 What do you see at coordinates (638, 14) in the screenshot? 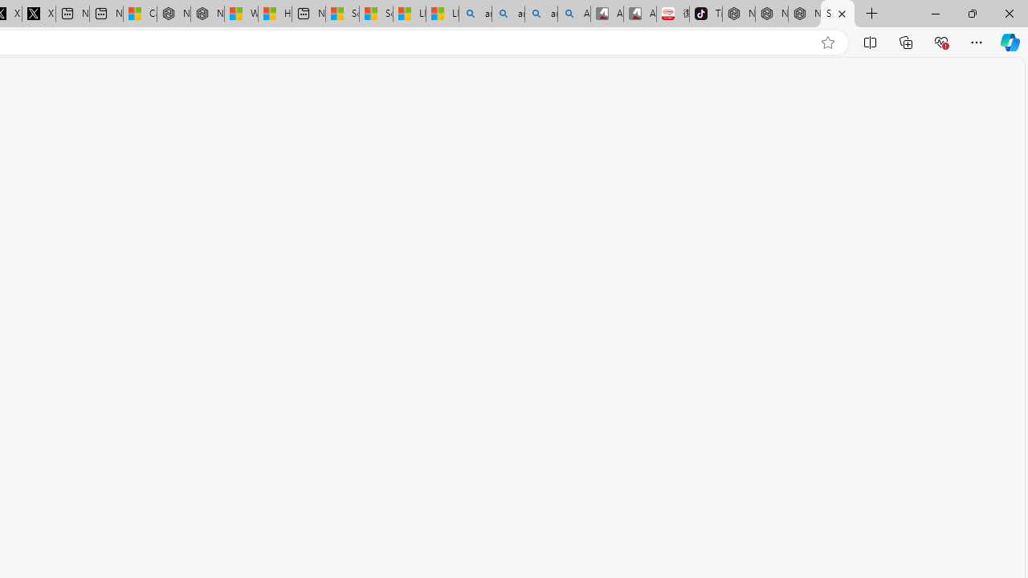
I see `'All Cubot phones'` at bounding box center [638, 14].